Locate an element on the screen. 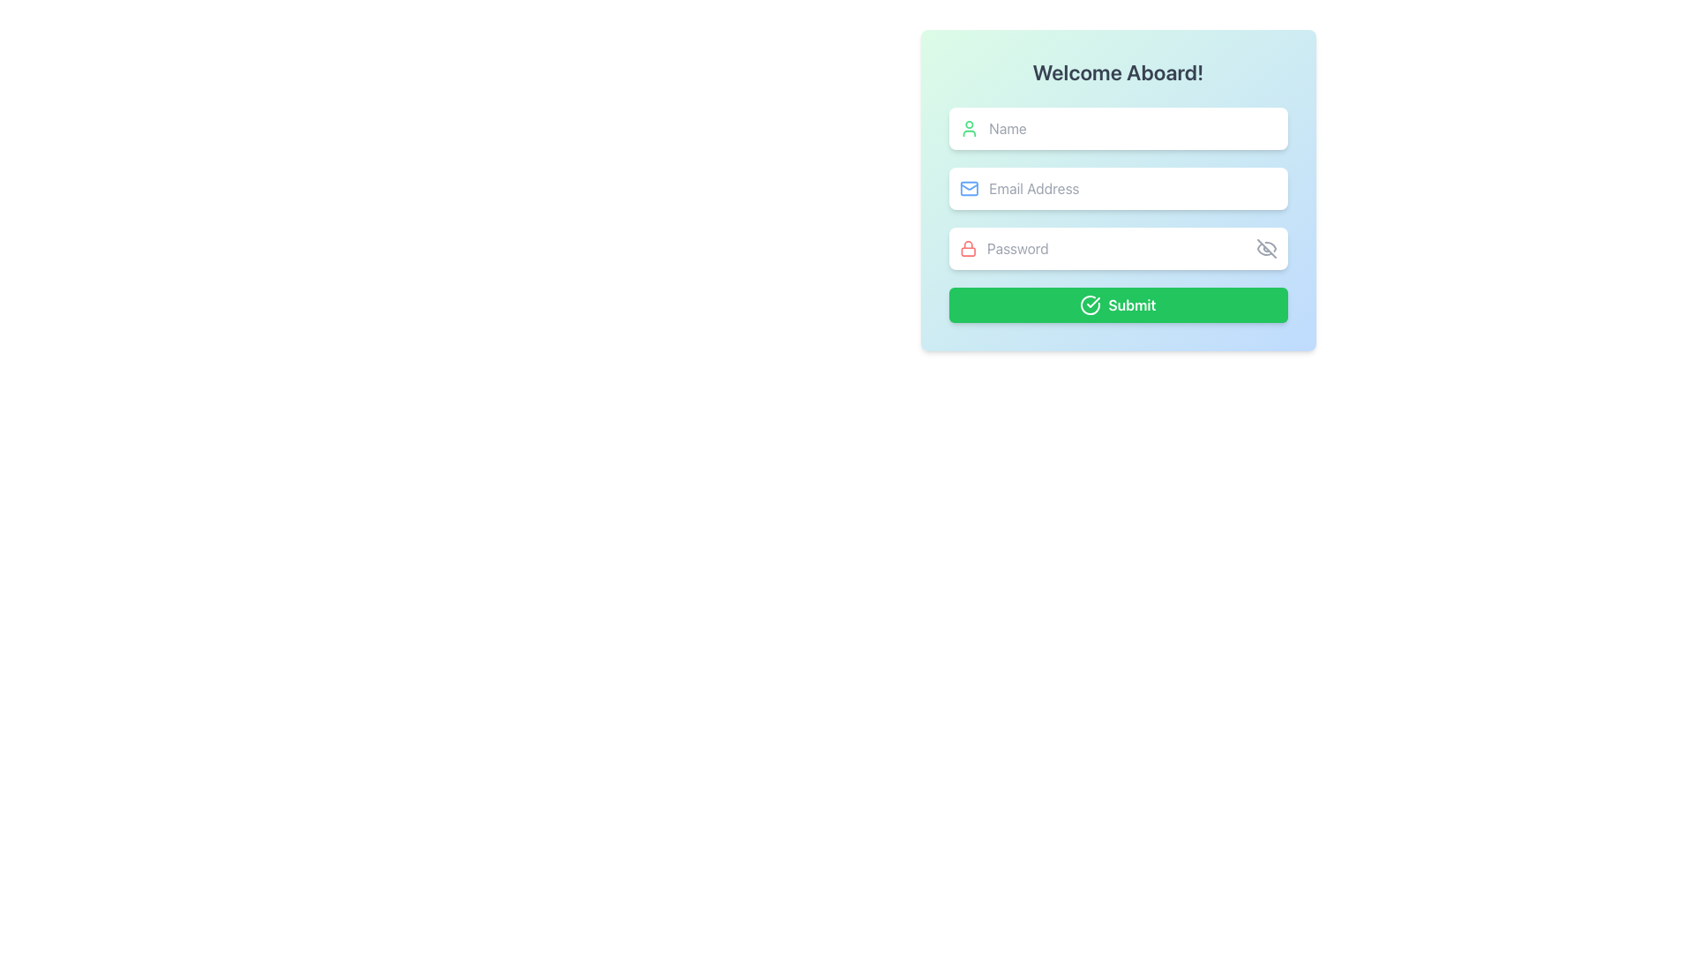 The width and height of the screenshot is (1694, 953). the email input field icon that visually indicates the purpose of the input field in the vertical form, positioned between the 'Name' and 'Password' fields is located at coordinates (968, 188).